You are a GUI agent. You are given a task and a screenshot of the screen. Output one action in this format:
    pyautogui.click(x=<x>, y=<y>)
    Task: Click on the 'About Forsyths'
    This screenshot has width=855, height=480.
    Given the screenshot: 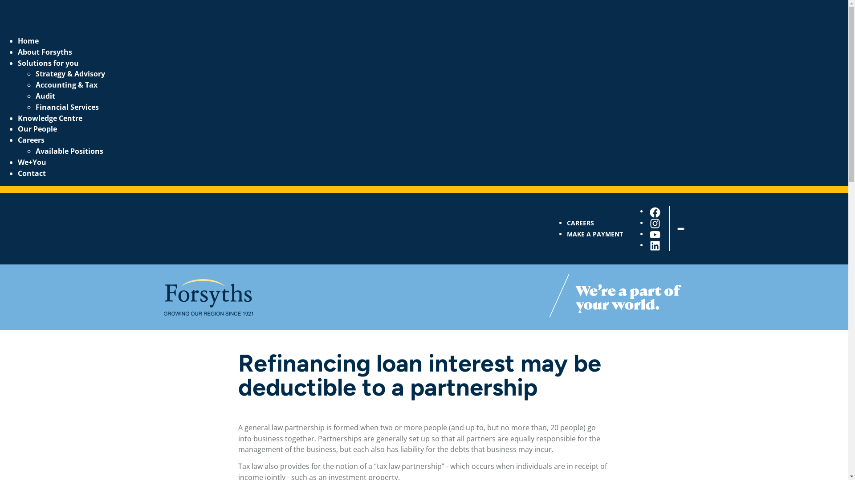 What is the action you would take?
    pyautogui.click(x=44, y=52)
    